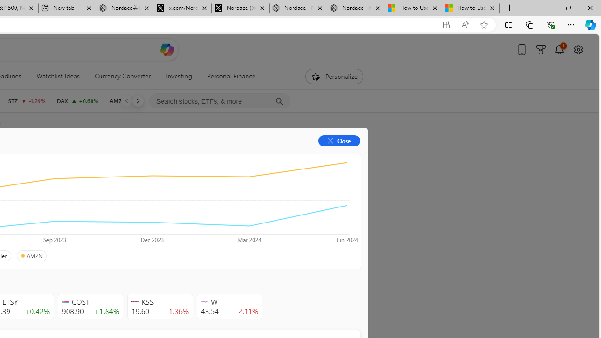 Image resolution: width=601 pixels, height=338 pixels. Describe the element at coordinates (446, 24) in the screenshot. I see `'App available. Install Start Money'` at that location.